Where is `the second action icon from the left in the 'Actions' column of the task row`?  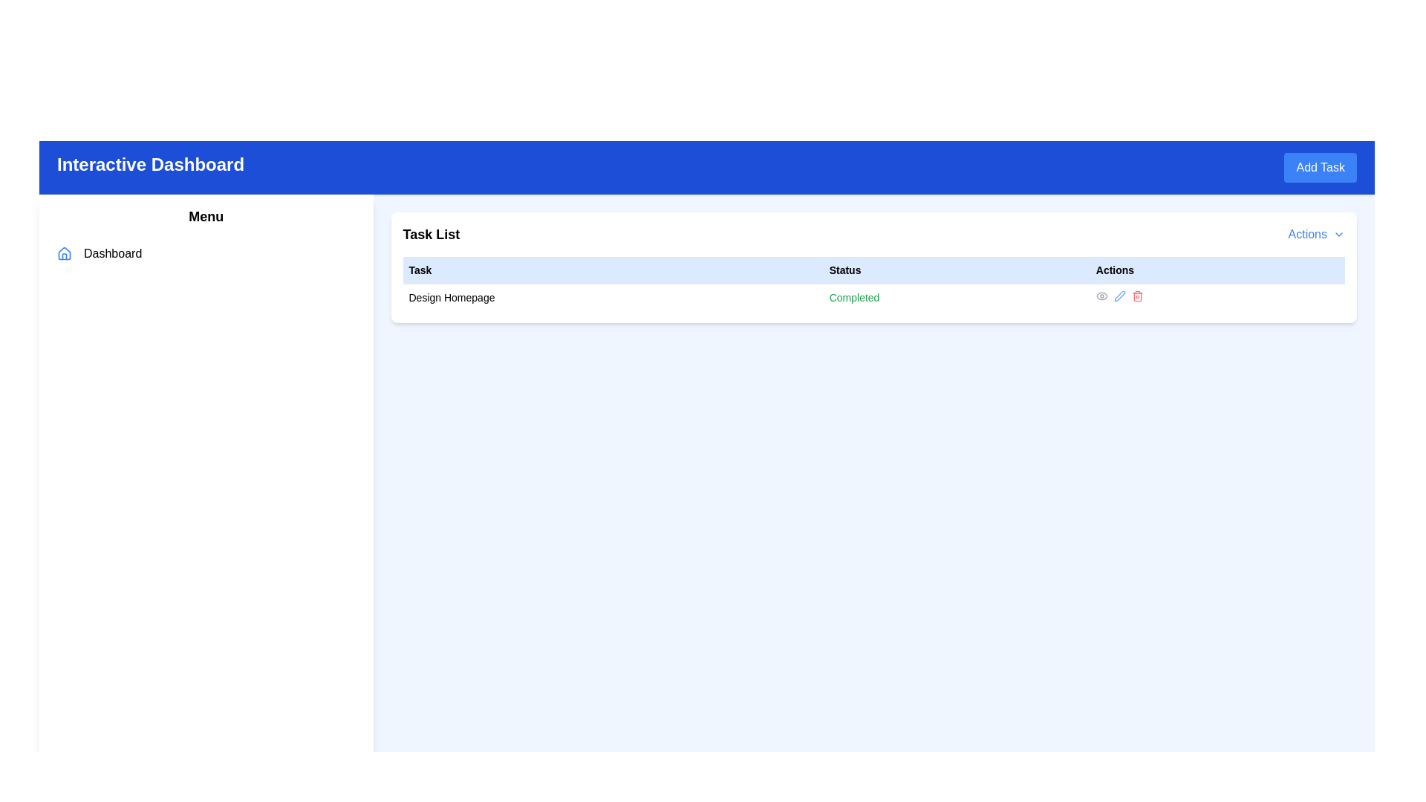
the second action icon from the left in the 'Actions' column of the task row is located at coordinates (1119, 296).